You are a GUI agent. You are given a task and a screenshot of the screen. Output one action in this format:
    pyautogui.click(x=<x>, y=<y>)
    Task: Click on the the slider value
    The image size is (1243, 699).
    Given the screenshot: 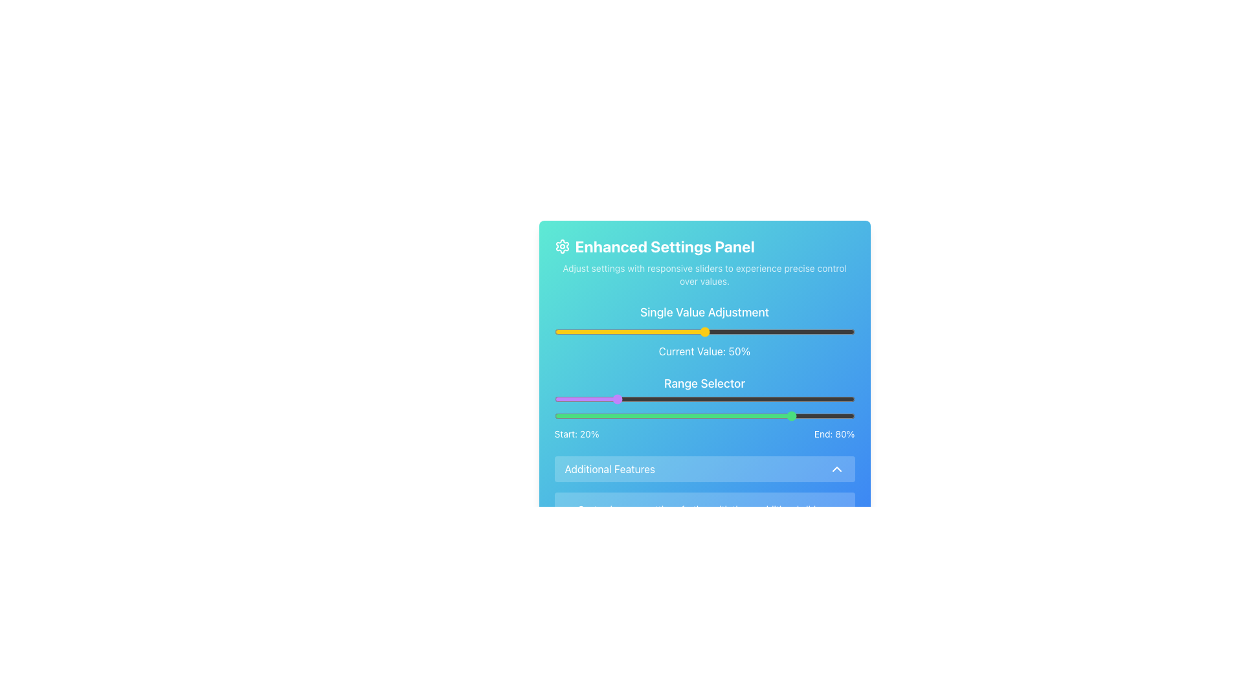 What is the action you would take?
    pyautogui.click(x=794, y=331)
    